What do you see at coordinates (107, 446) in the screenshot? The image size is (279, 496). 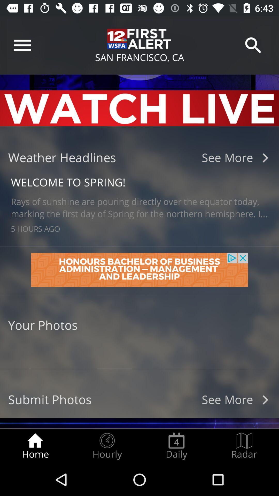 I see `hourly radio button` at bounding box center [107, 446].